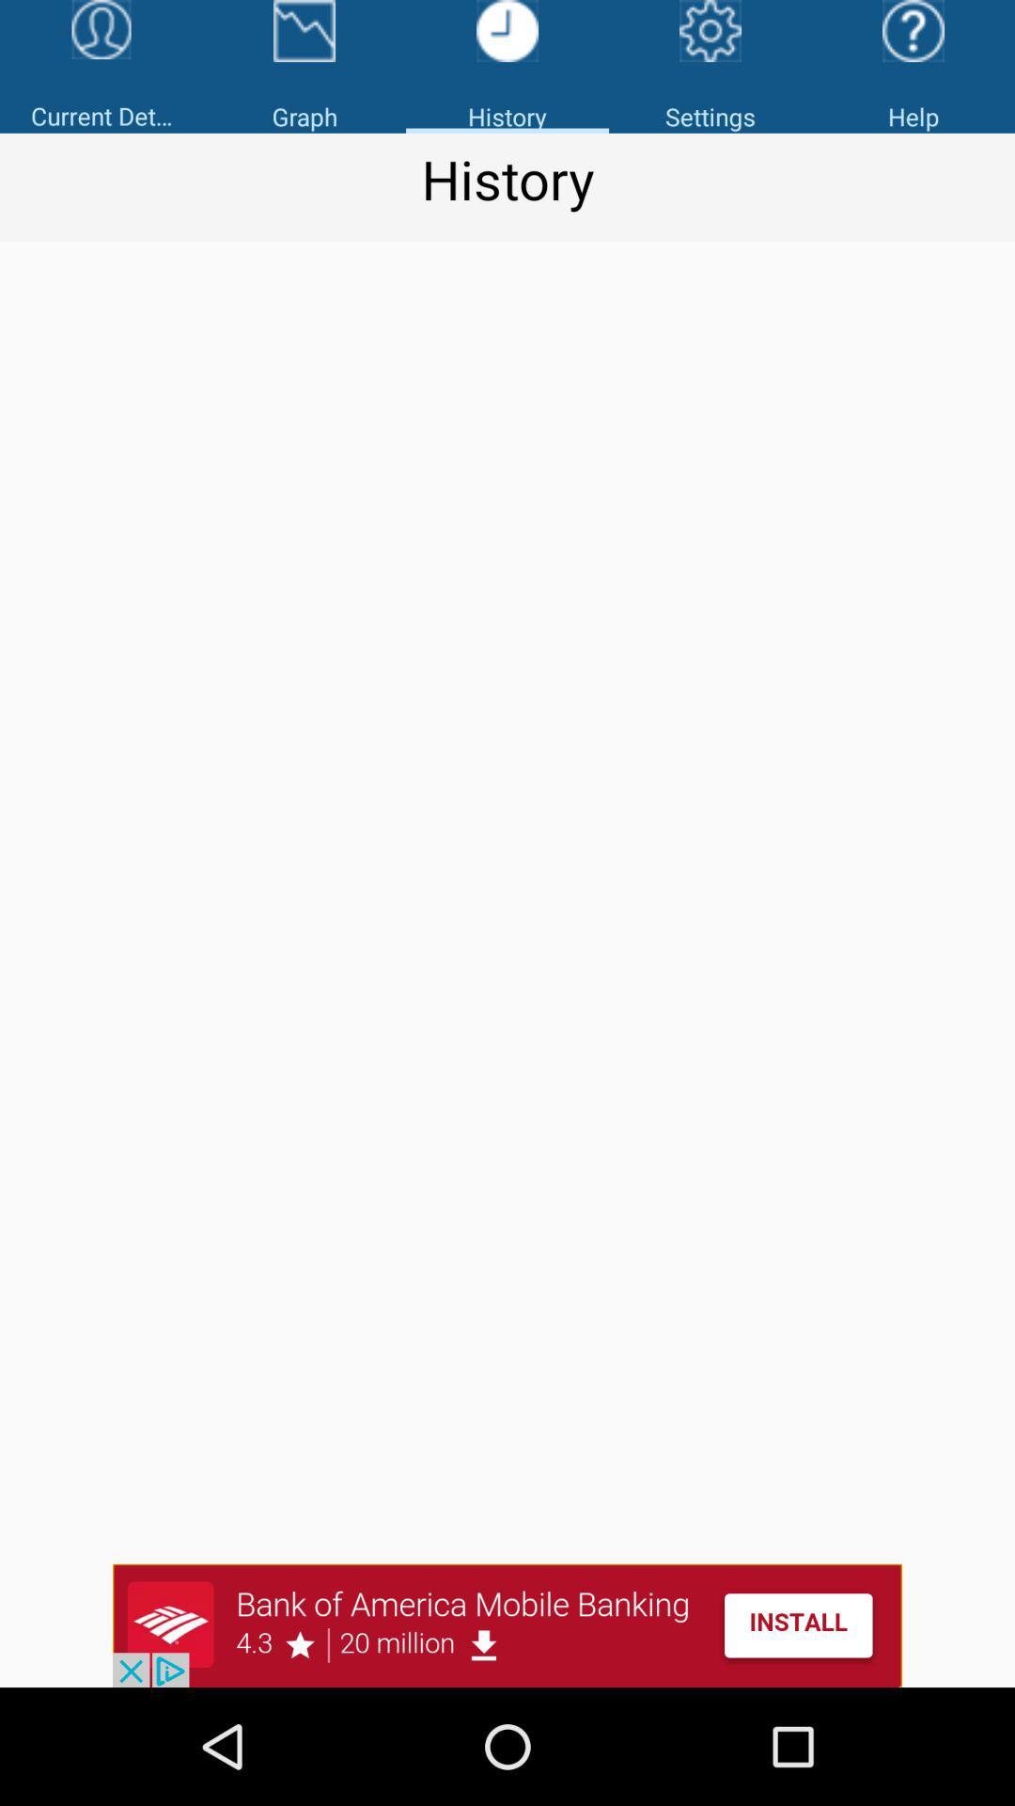 The height and width of the screenshot is (1806, 1015). Describe the element at coordinates (507, 1624) in the screenshot. I see `click on advertisements` at that location.